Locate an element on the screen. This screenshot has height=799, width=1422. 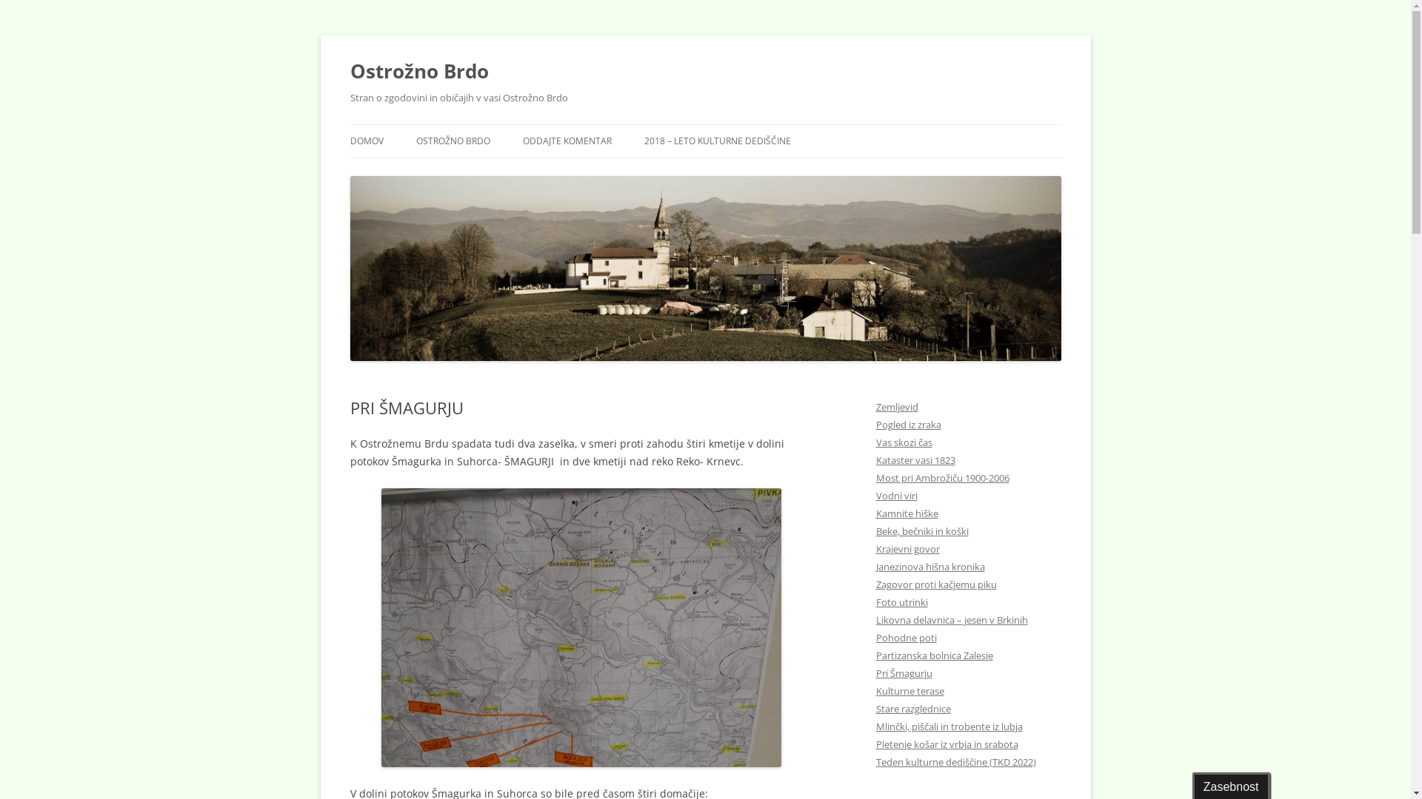
'Kataster vasi 1823' is located at coordinates (914, 459).